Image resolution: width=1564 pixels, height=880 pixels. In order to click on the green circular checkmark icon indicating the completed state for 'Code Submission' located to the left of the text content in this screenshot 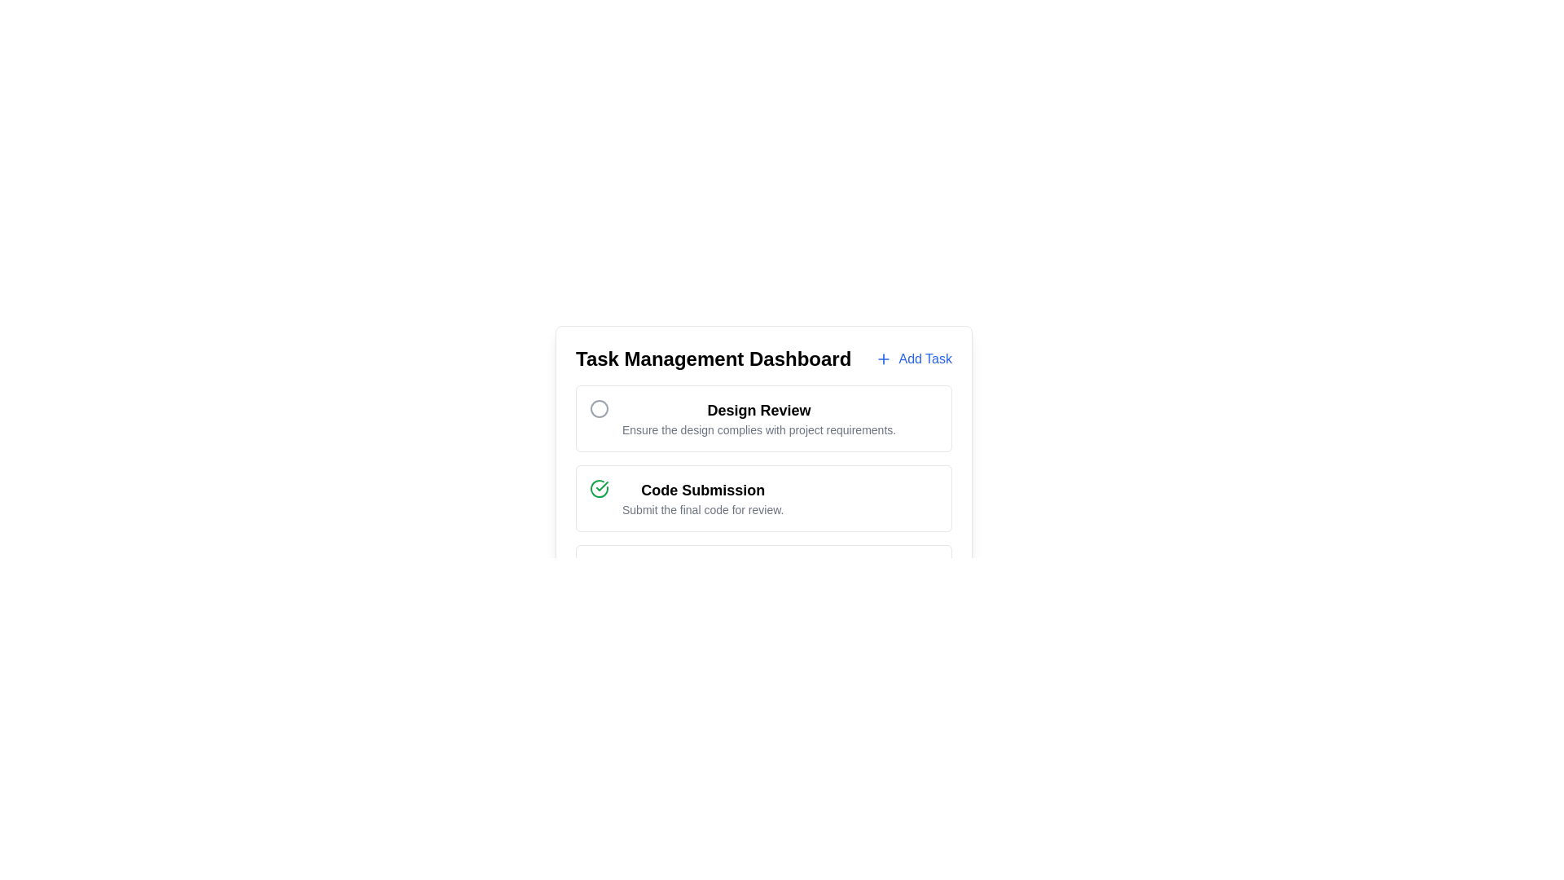, I will do `click(598, 488)`.